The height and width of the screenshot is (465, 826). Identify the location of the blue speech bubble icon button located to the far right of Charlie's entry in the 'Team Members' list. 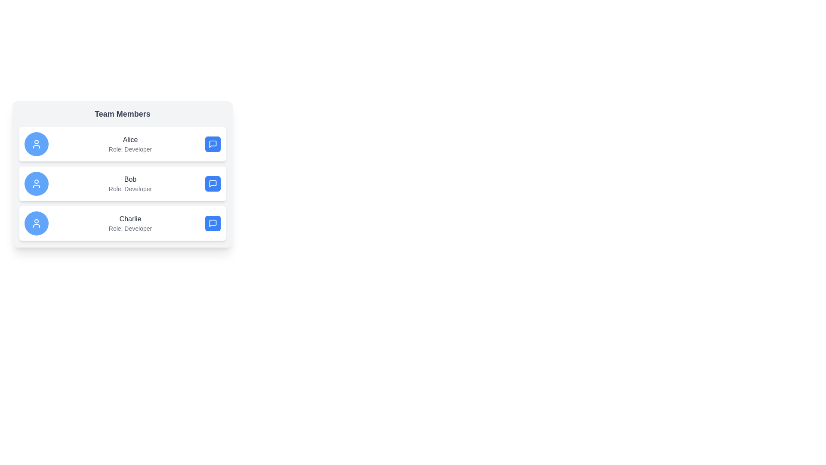
(213, 223).